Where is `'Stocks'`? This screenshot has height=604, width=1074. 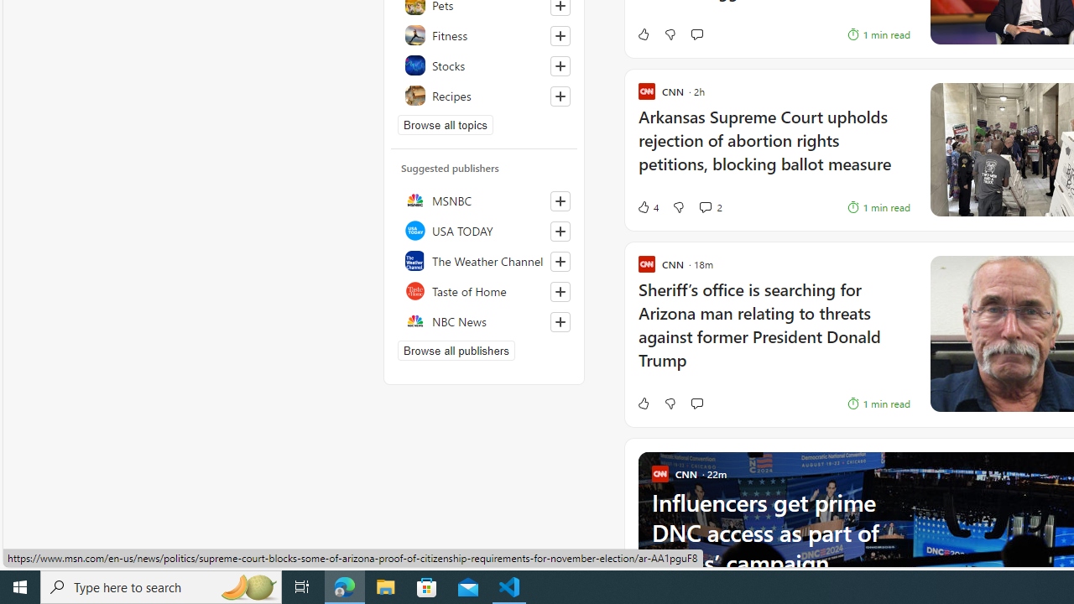
'Stocks' is located at coordinates (483, 65).